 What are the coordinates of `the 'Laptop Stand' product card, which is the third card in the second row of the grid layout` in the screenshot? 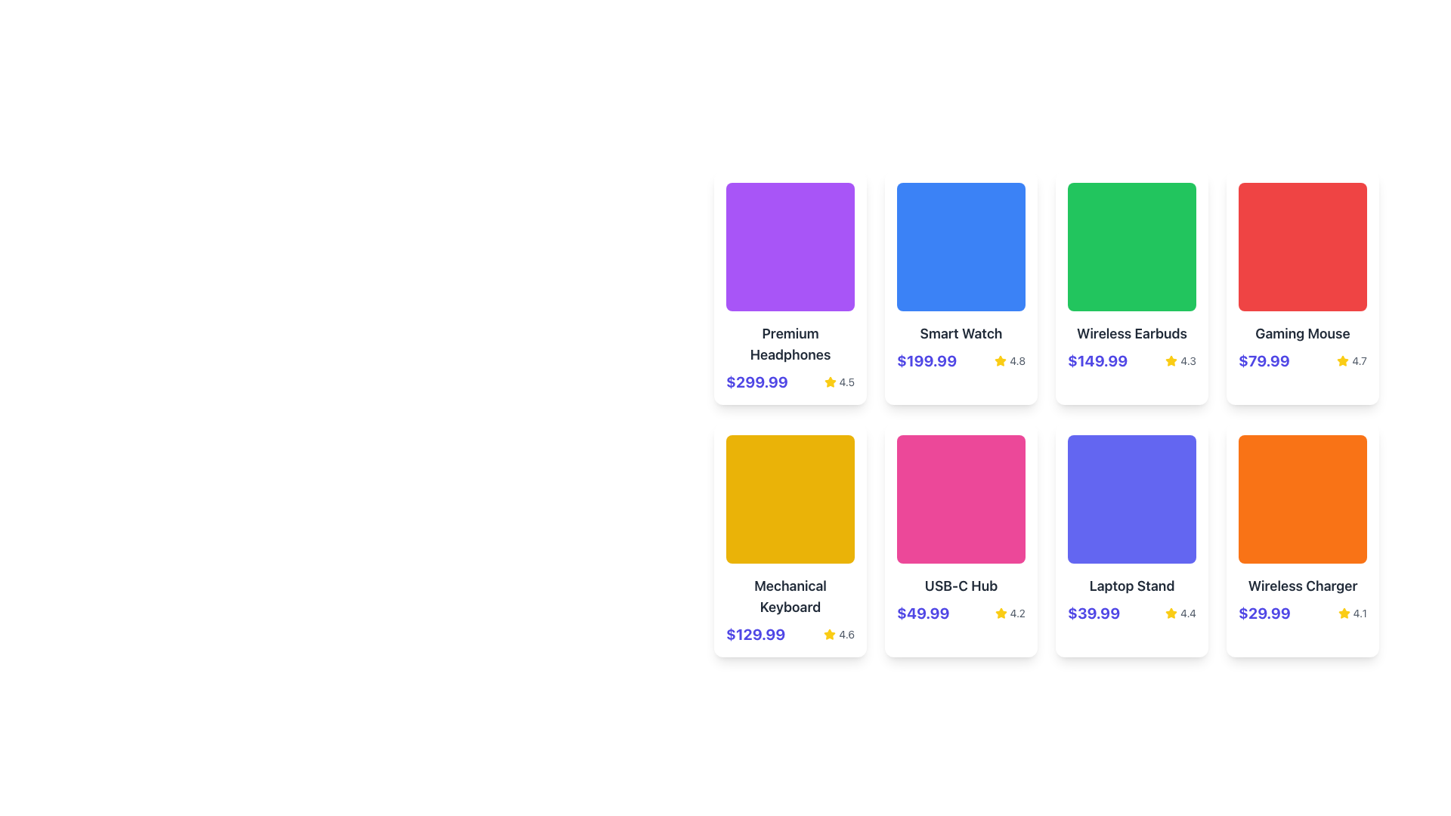 It's located at (1131, 539).